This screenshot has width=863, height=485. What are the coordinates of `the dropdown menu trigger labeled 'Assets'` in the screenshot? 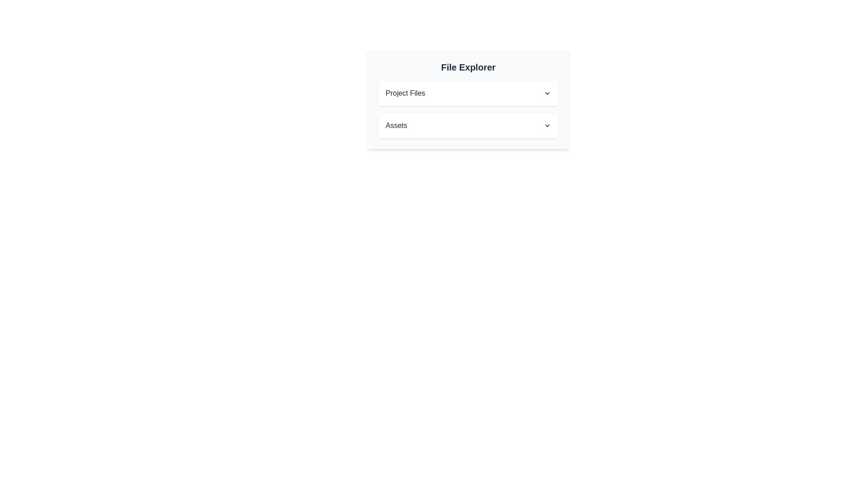 It's located at (467, 126).